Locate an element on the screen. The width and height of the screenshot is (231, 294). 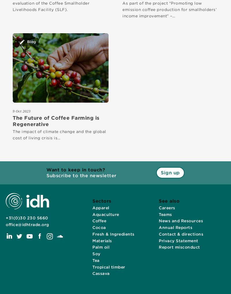
'Teams' is located at coordinates (165, 214).